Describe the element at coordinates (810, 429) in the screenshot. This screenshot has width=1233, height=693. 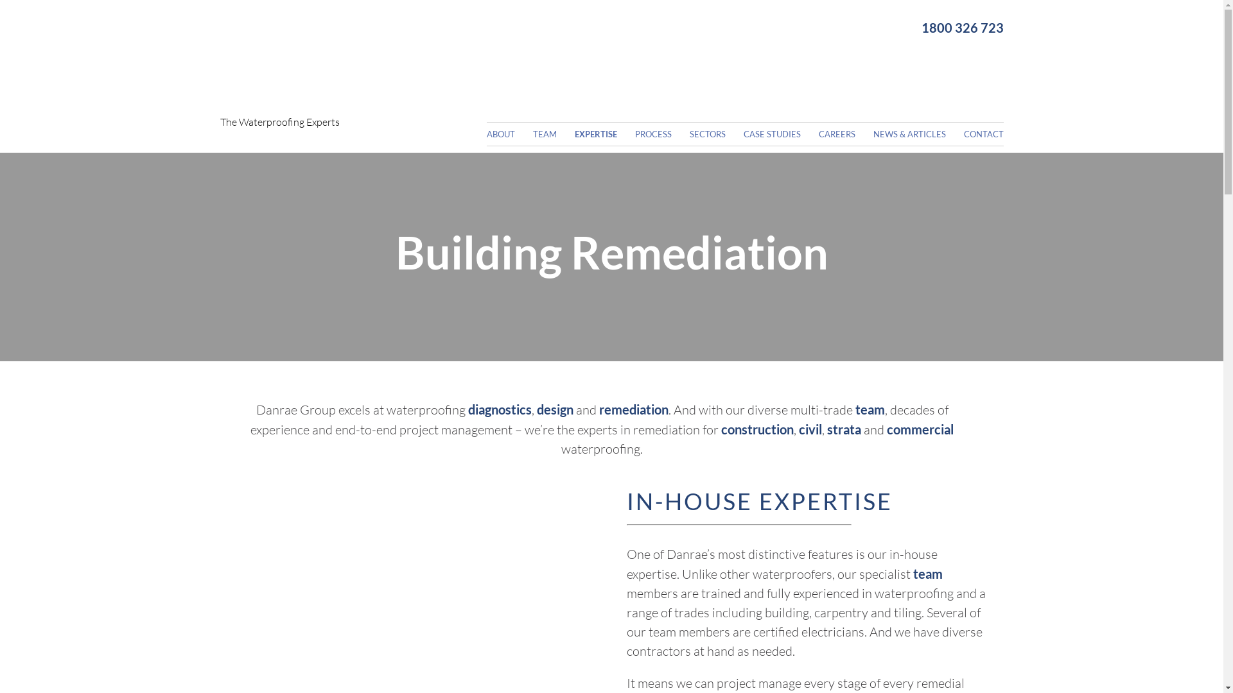
I see `'civil'` at that location.